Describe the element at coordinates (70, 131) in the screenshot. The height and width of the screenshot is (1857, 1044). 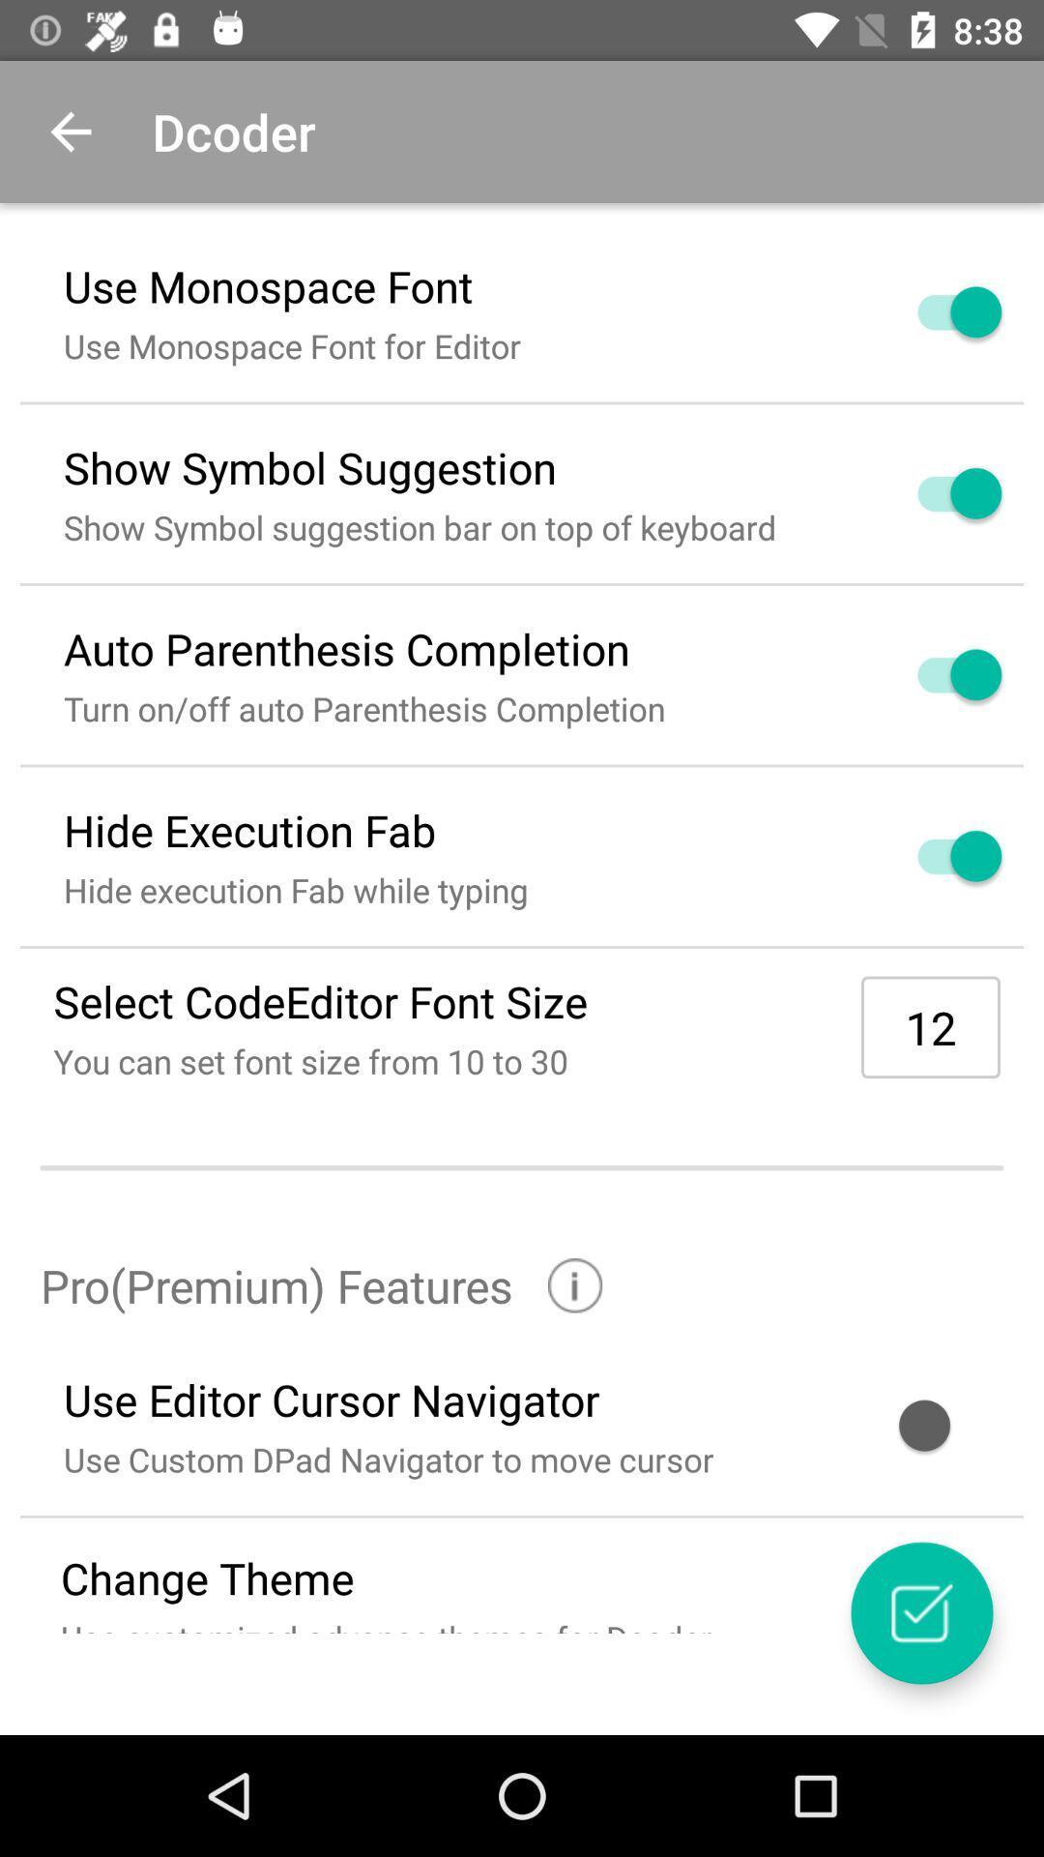
I see `the item next to the dcoder` at that location.